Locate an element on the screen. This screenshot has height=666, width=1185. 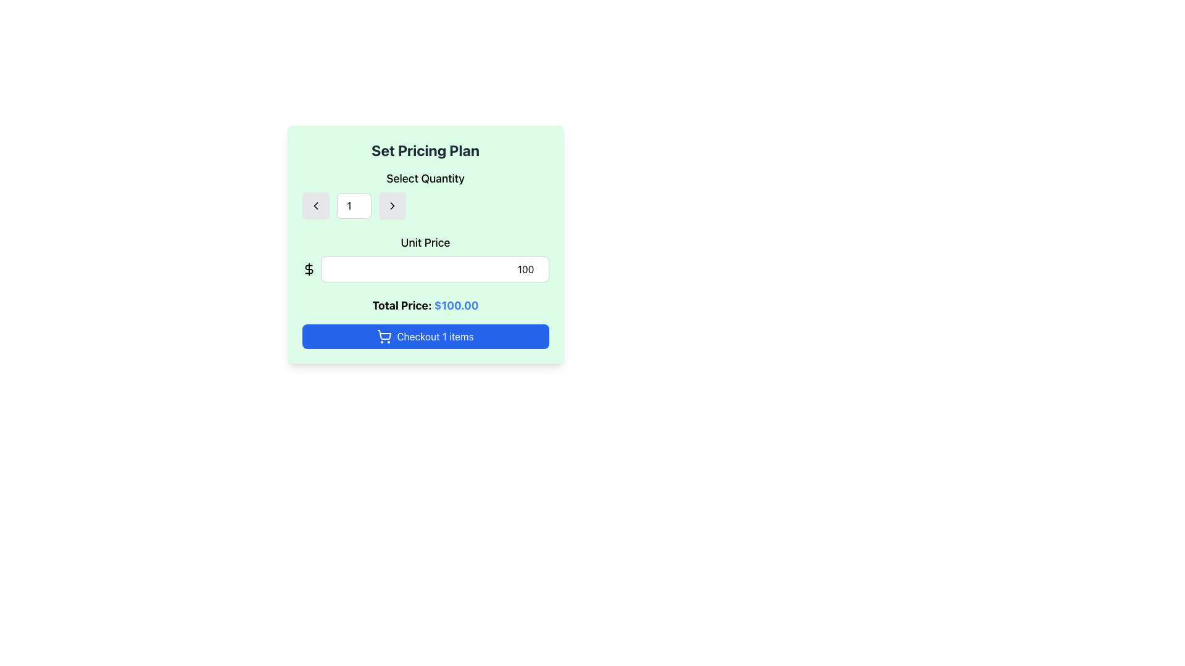
the text display element showing 'Total Price: $100.00', which is styled with a bold black font for 'Total Price:' and a blue font for '$100.00', located in a green background panel below the 'Unit Price' field is located at coordinates (425, 305).